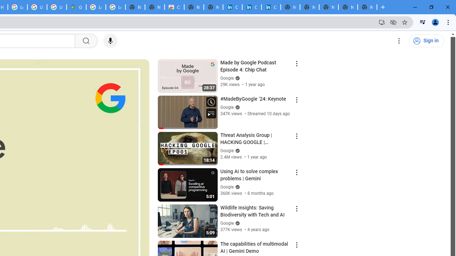 The height and width of the screenshot is (256, 456). Describe the element at coordinates (237, 223) in the screenshot. I see `'Verified'` at that location.